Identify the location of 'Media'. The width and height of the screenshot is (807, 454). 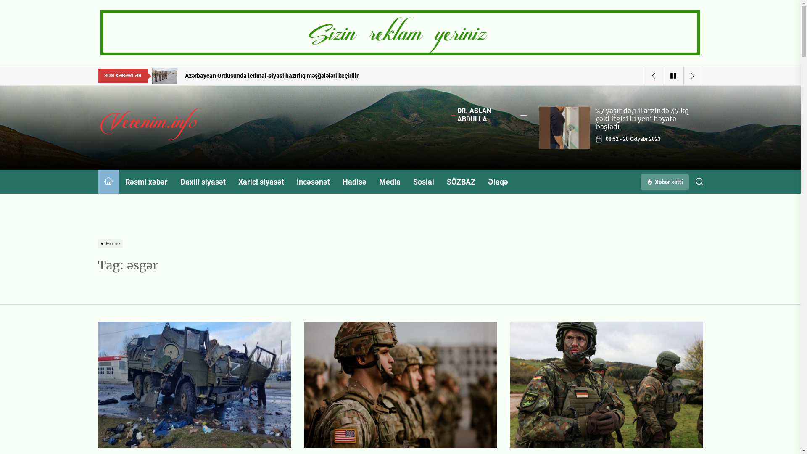
(389, 181).